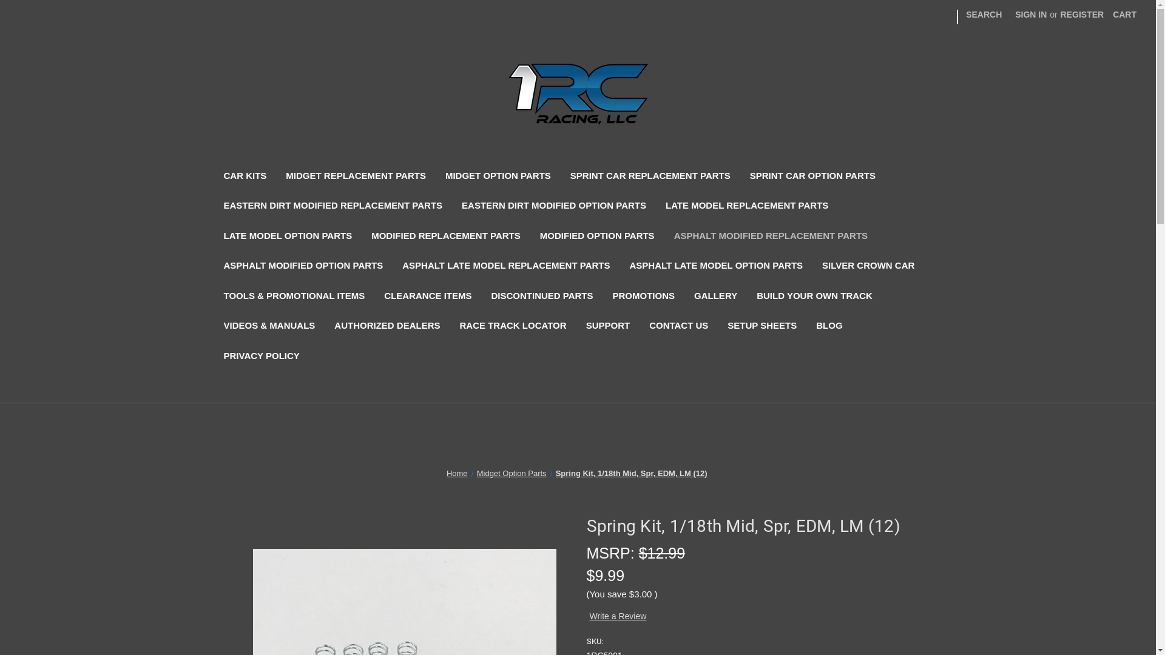 This screenshot has height=655, width=1165. What do you see at coordinates (260, 357) in the screenshot?
I see `'PRIVACY POLICY'` at bounding box center [260, 357].